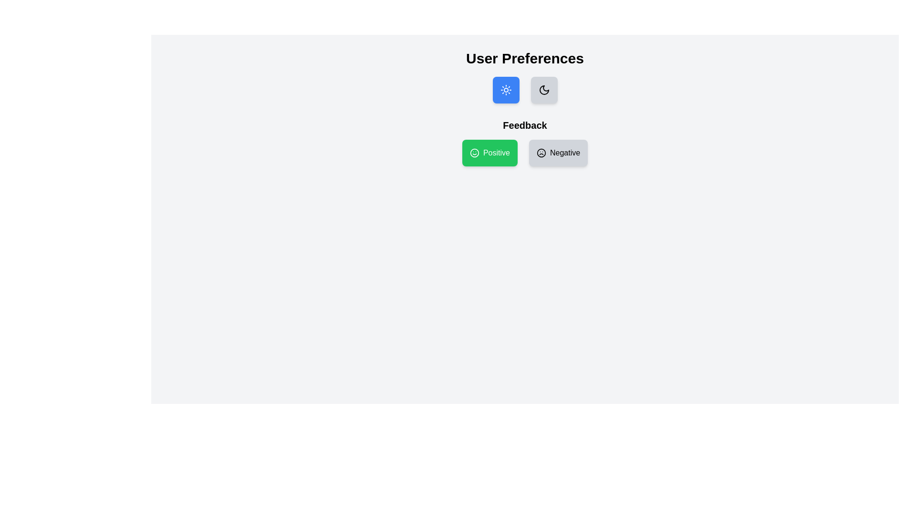 The height and width of the screenshot is (515, 916). What do you see at coordinates (544, 90) in the screenshot?
I see `the button with a moon icon located to the right of the sun icon button under the 'User Preferences' header` at bounding box center [544, 90].